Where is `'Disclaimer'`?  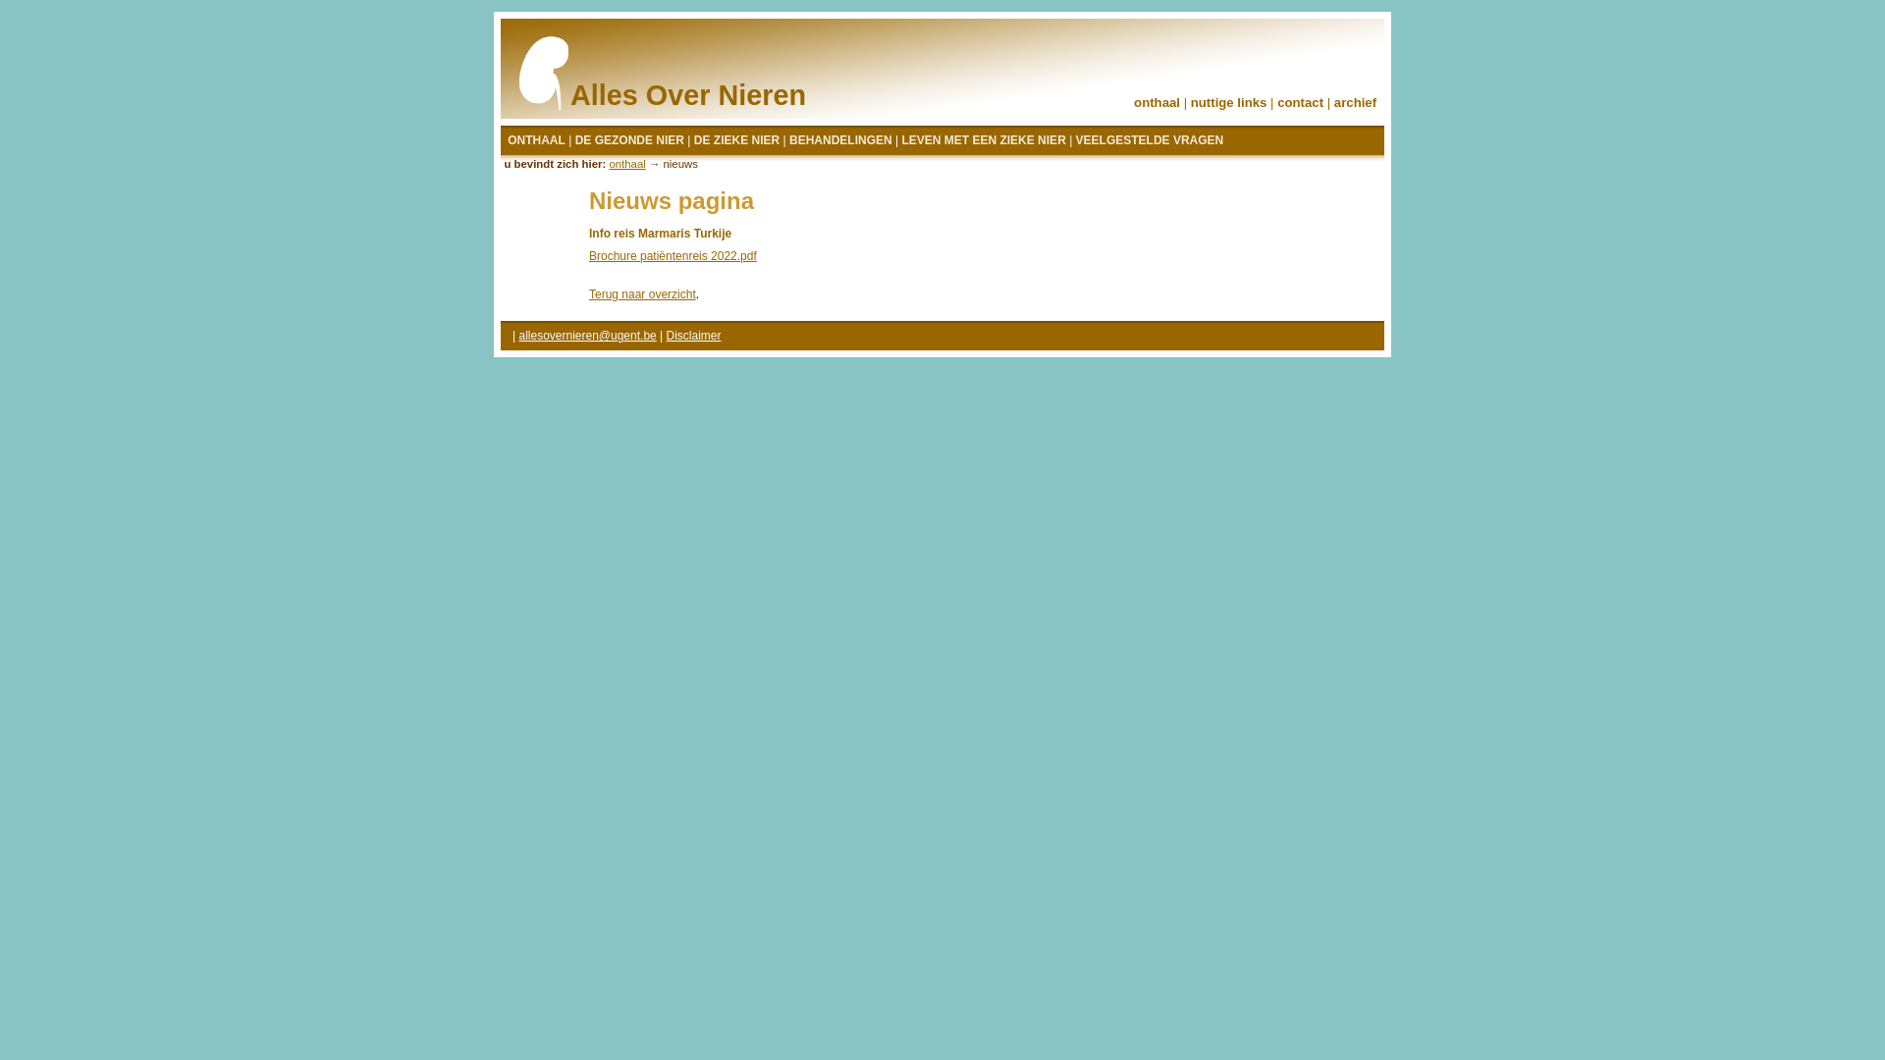
'Disclaimer' is located at coordinates (666, 335).